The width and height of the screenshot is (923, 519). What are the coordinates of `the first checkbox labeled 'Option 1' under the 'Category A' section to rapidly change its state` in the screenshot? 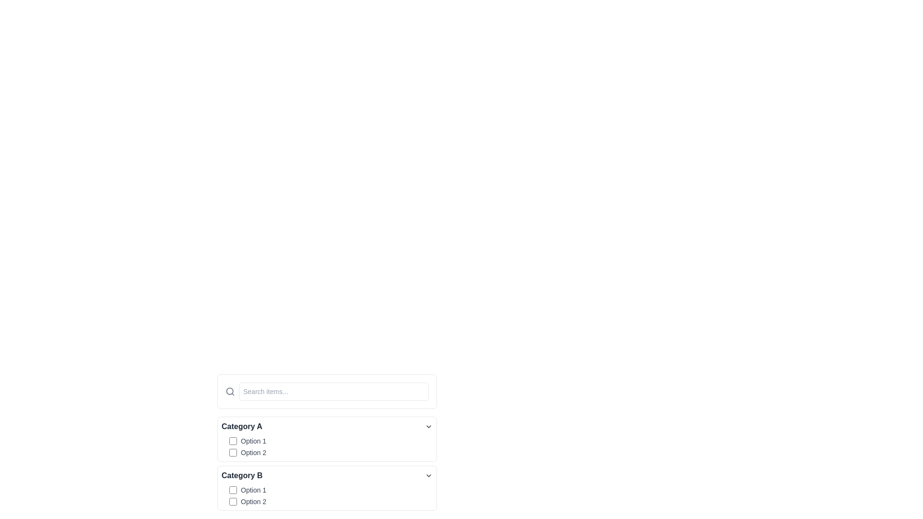 It's located at (233, 441).